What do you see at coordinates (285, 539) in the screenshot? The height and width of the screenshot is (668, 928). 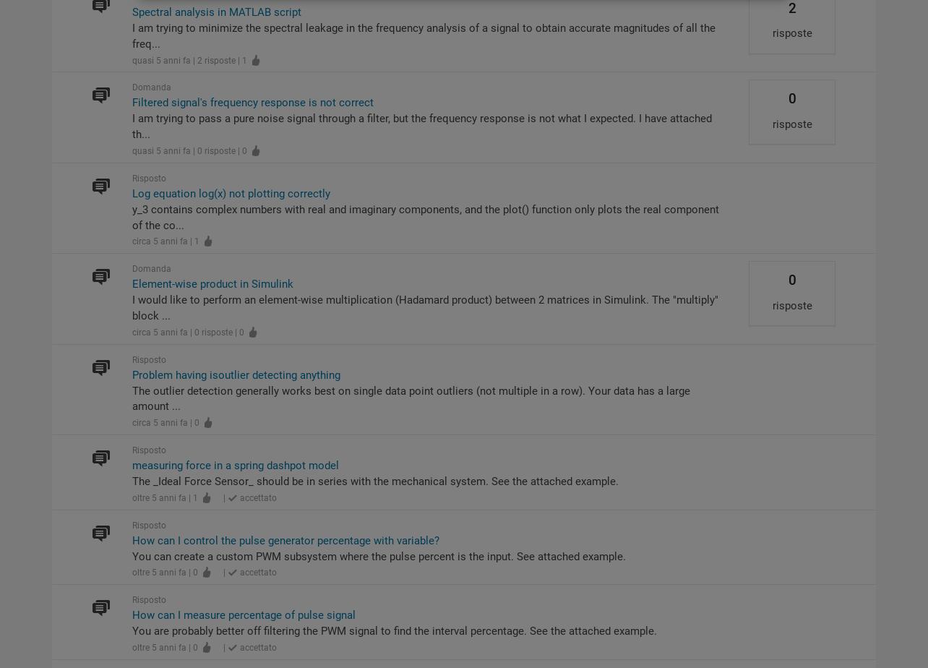 I see `'How can I control the pulse generator percentage with variable?'` at bounding box center [285, 539].